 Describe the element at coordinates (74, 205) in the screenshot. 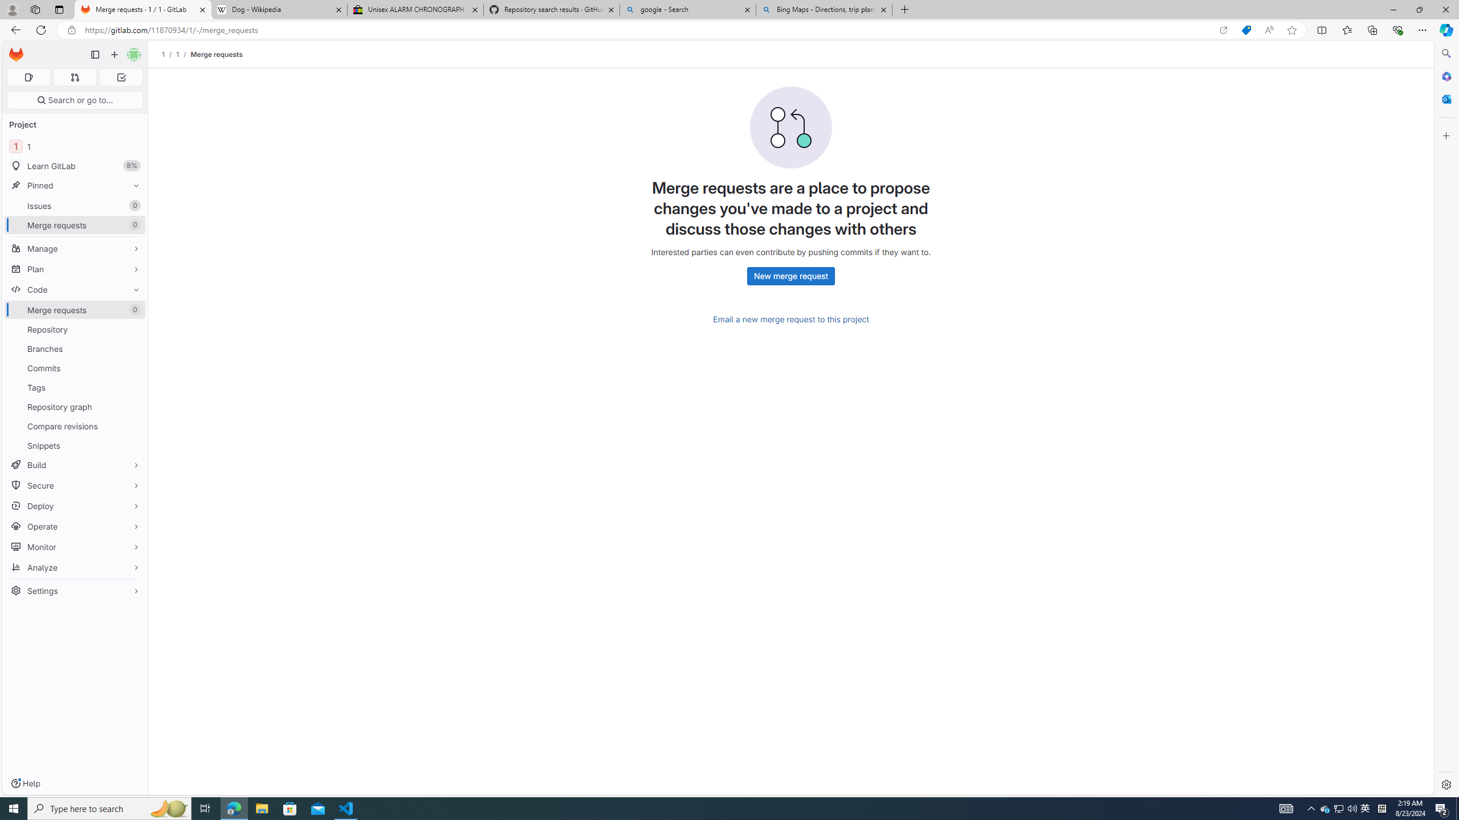

I see `'Issues 0'` at that location.